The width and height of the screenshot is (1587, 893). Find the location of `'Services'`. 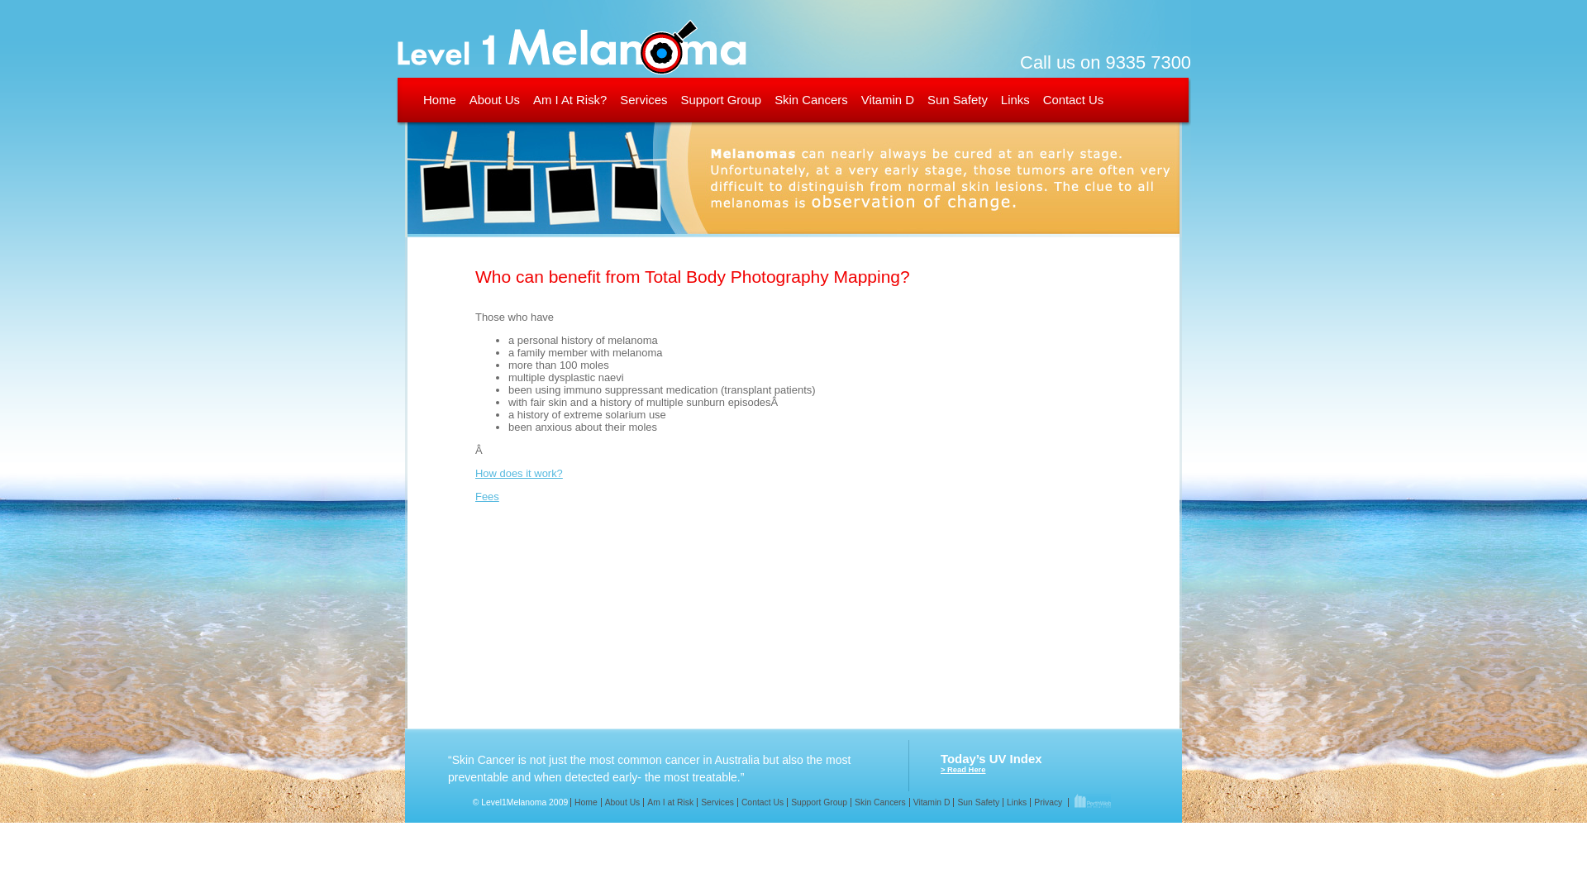

'Services' is located at coordinates (717, 801).